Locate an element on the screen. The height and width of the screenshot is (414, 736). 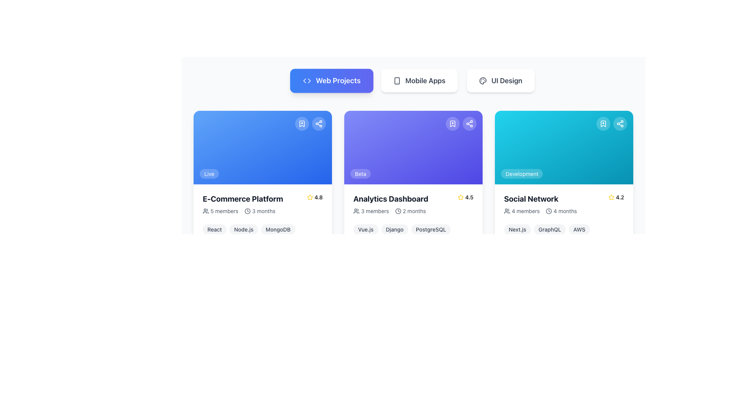
the icons located at the top-right corner of the informational card that provides project details, which is the third element in a 3-column grid layout is located at coordinates (564, 191).